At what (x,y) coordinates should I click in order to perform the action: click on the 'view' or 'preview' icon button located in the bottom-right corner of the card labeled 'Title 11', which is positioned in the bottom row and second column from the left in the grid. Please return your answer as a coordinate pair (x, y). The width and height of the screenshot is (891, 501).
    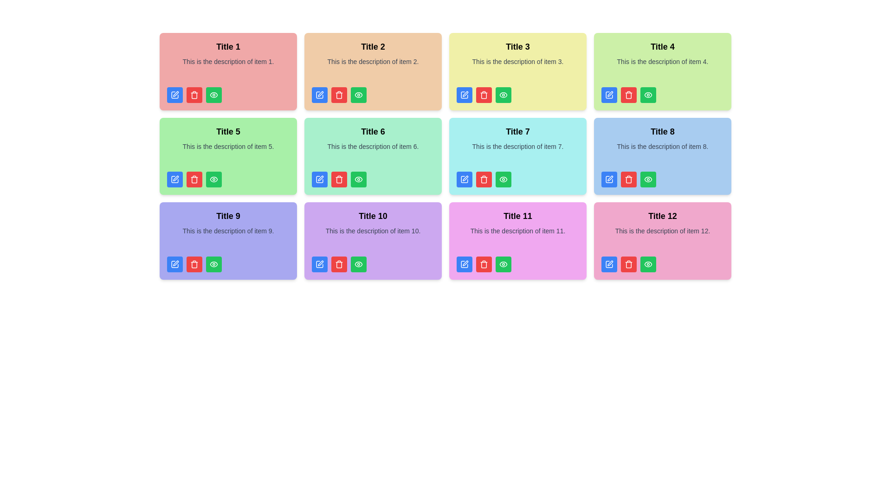
    Looking at the image, I should click on (503, 264).